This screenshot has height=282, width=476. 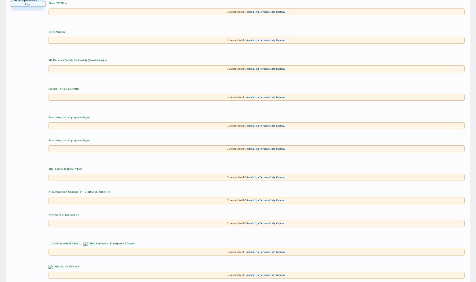 I want to click on 'Extra Alter on', so click(x=56, y=31).